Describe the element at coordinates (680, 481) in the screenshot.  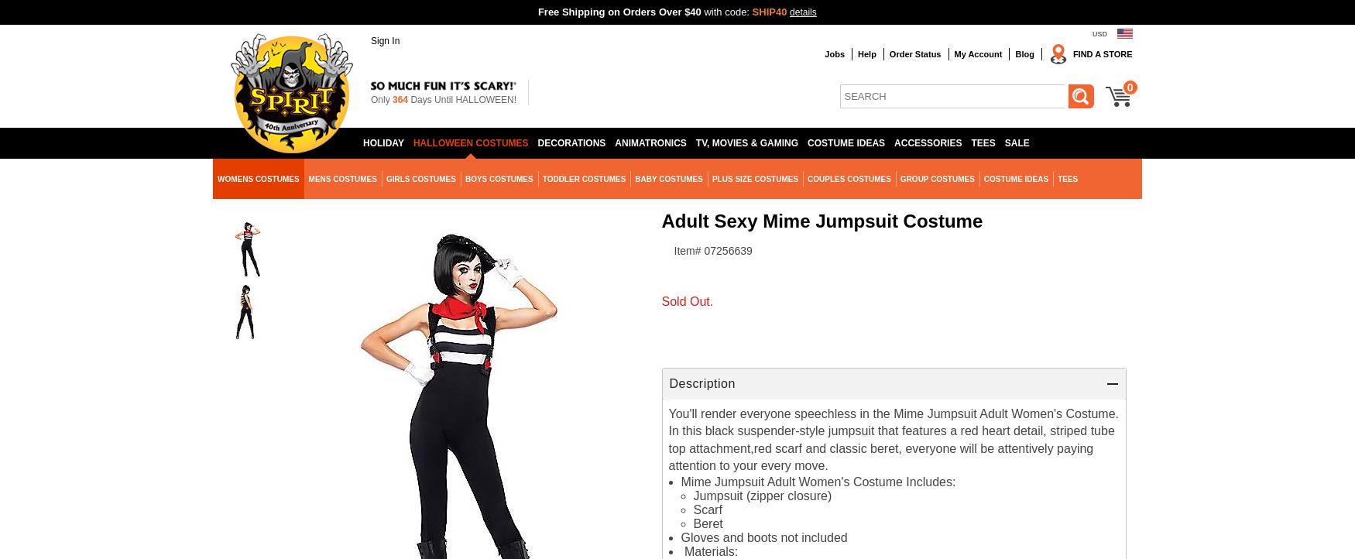
I see `'Mime Jumpsuit Adult Women's Costume Includes:'` at that location.